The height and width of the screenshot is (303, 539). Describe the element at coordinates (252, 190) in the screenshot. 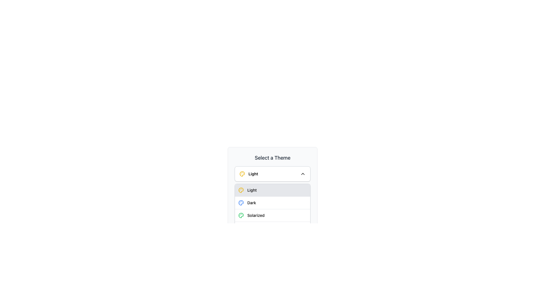

I see `the text label displaying 'Light' within the dropdown menu under 'Select a Theme', which is highlighted and selected` at that location.